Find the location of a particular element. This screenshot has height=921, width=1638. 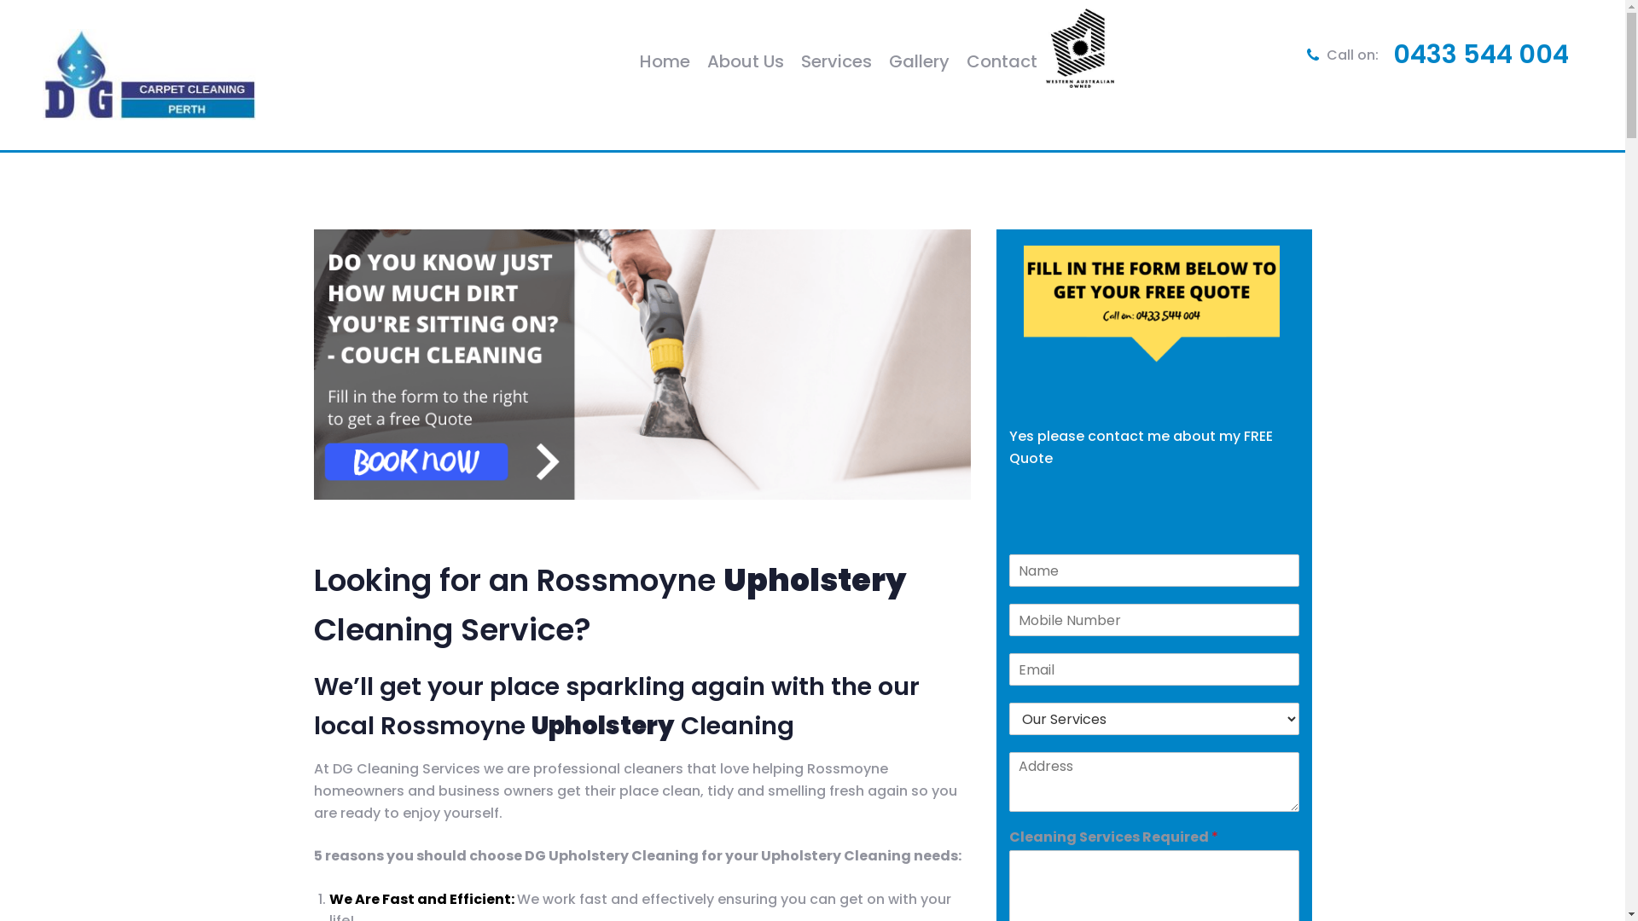

'About Us' is located at coordinates (745, 61).